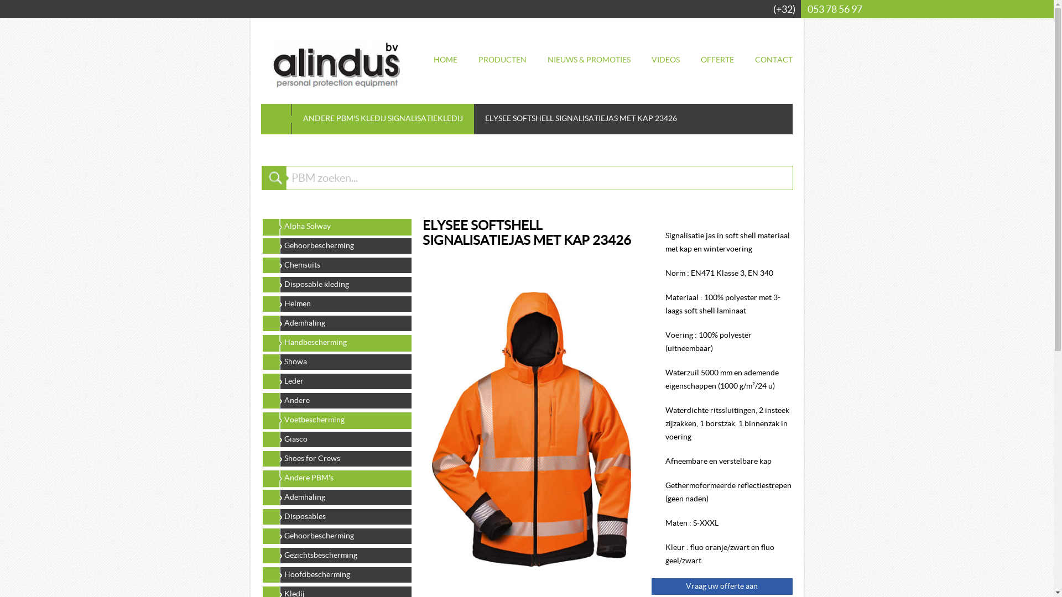 The width and height of the screenshot is (1062, 597). What do you see at coordinates (335, 400) in the screenshot?
I see `'Andere'` at bounding box center [335, 400].